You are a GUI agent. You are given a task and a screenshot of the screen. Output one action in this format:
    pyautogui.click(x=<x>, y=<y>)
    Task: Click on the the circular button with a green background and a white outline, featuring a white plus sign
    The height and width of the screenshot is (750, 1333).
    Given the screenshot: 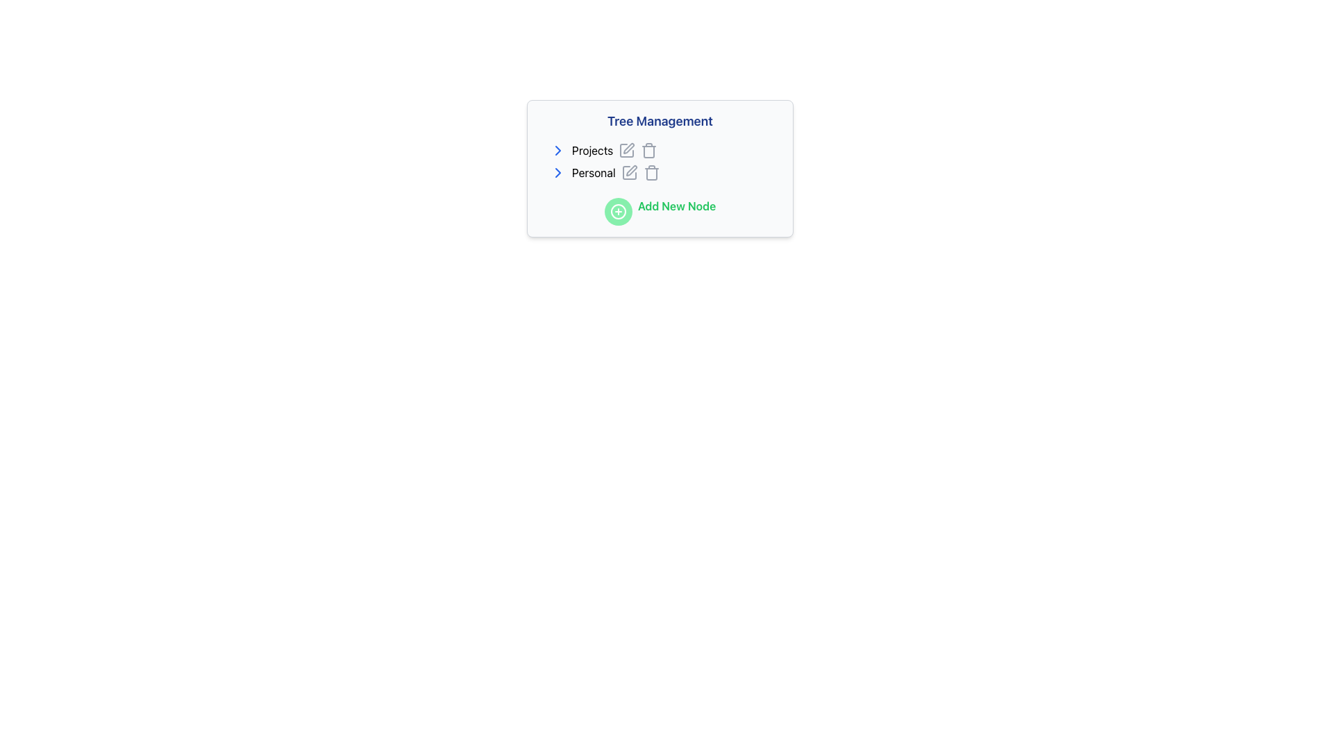 What is the action you would take?
    pyautogui.click(x=617, y=211)
    